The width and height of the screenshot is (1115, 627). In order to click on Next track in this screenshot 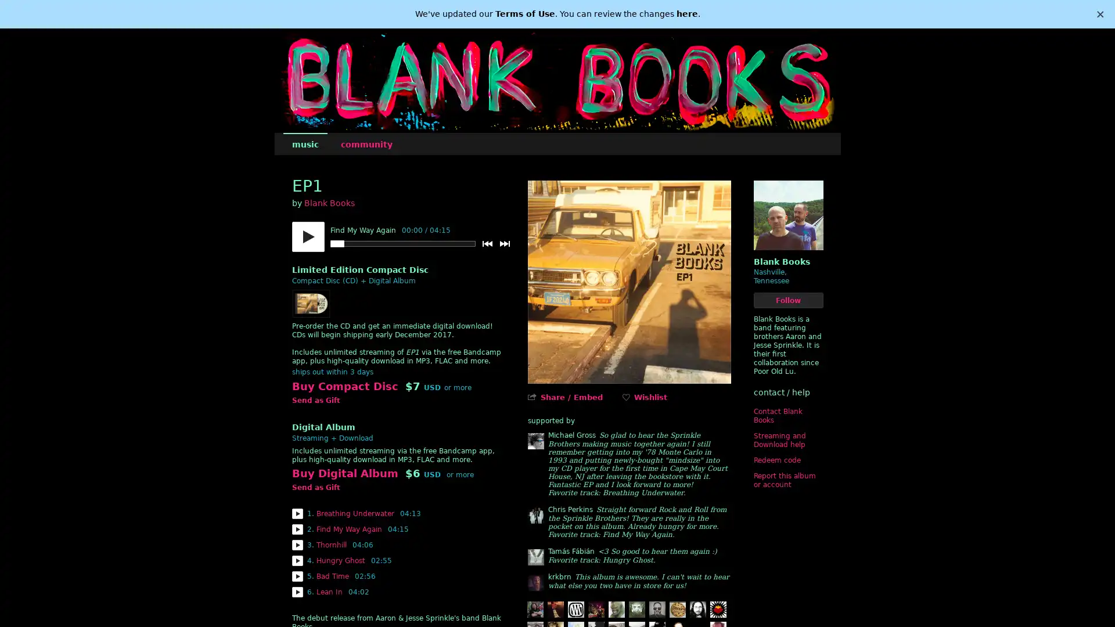, I will do `click(504, 243)`.